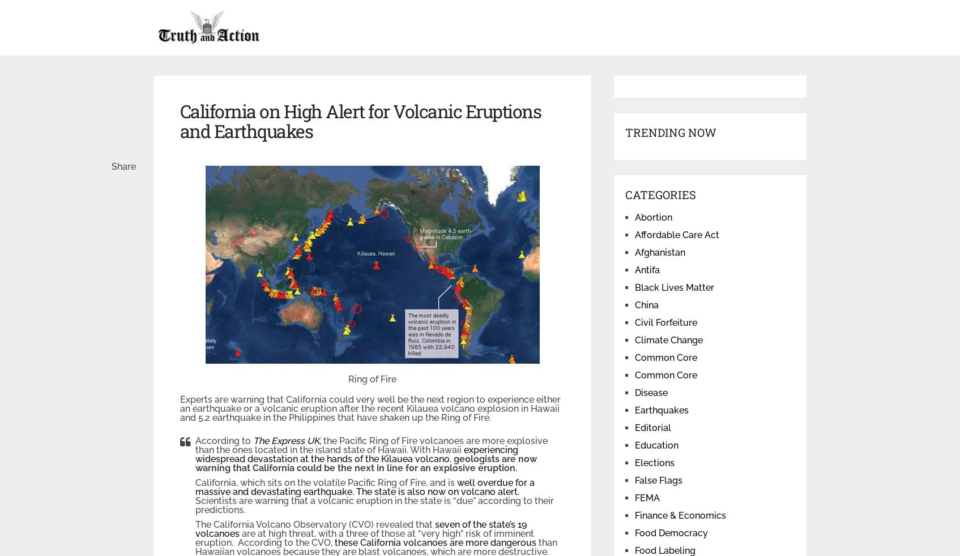 This screenshot has width=960, height=556. Describe the element at coordinates (223, 440) in the screenshot. I see `'According to'` at that location.